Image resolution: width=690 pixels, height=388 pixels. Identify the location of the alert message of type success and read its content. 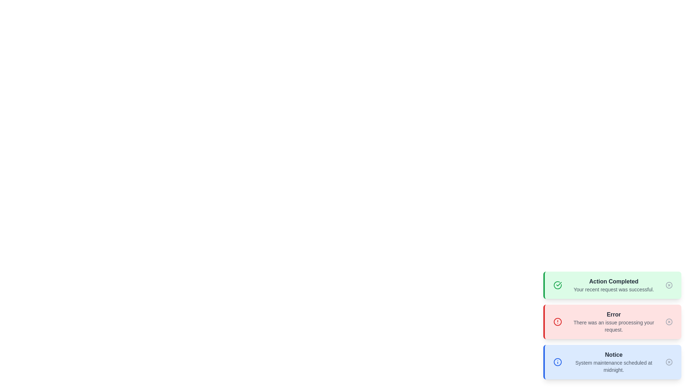
(612, 285).